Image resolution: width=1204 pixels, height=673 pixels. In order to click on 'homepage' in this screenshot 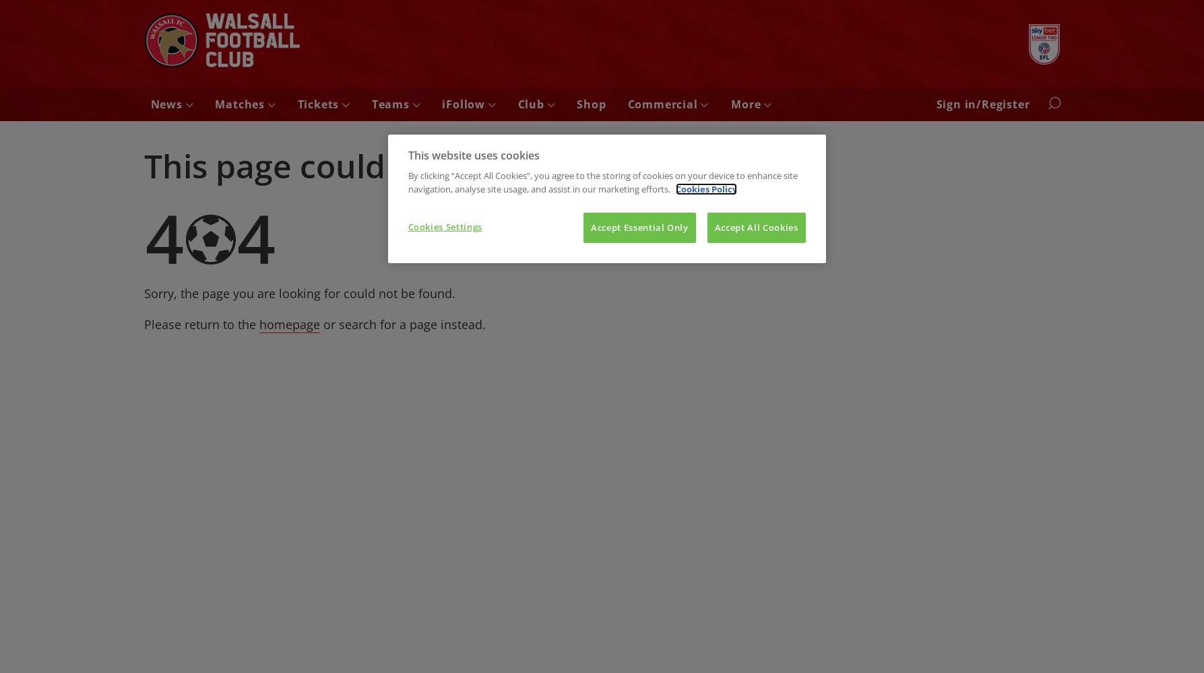, I will do `click(259, 323)`.